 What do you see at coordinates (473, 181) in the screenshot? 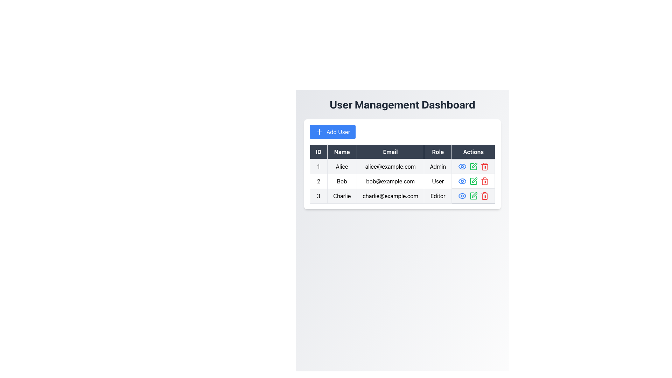
I see `the edit button located in the second row of the user management table` at bounding box center [473, 181].